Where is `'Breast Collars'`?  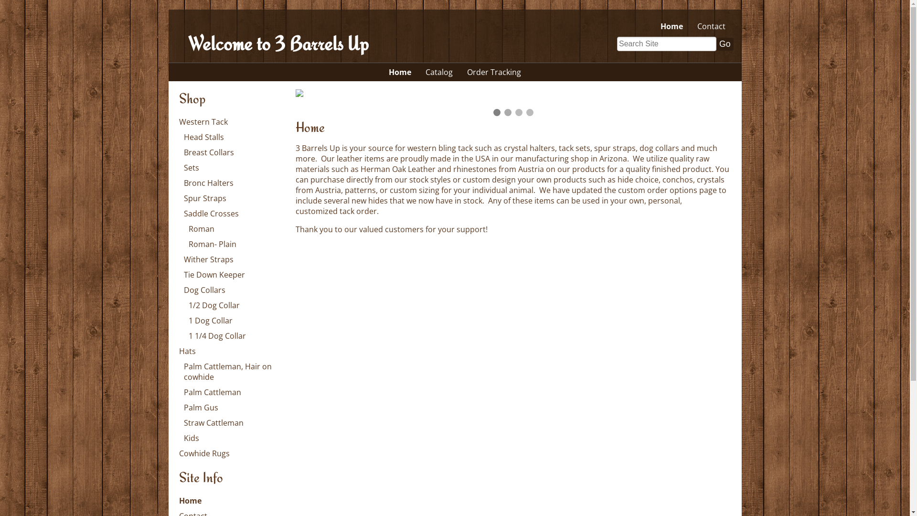 'Breast Collars' is located at coordinates (208, 152).